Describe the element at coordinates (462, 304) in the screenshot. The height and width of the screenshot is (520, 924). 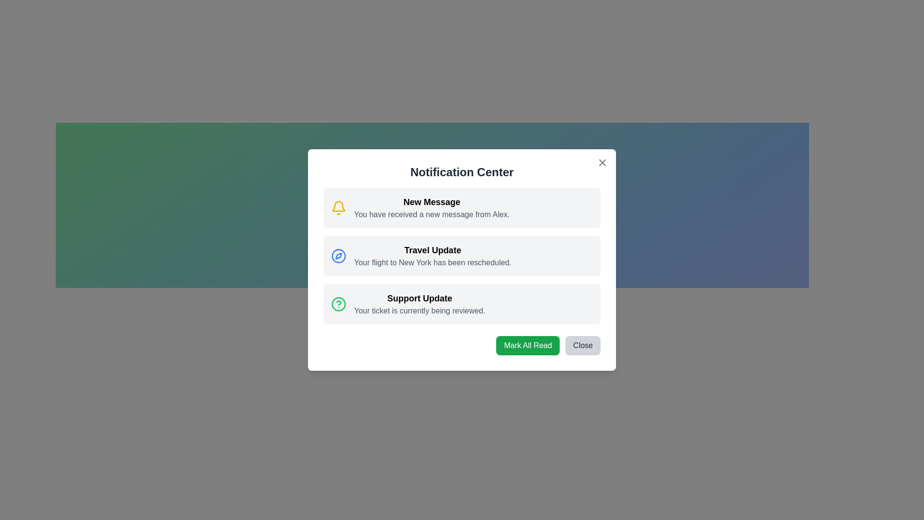
I see `the information in the third notification card about the ticket status under review, which is located below the 'Travel Update' notification and above the 'Mark All Read' and 'Close' buttons` at that location.